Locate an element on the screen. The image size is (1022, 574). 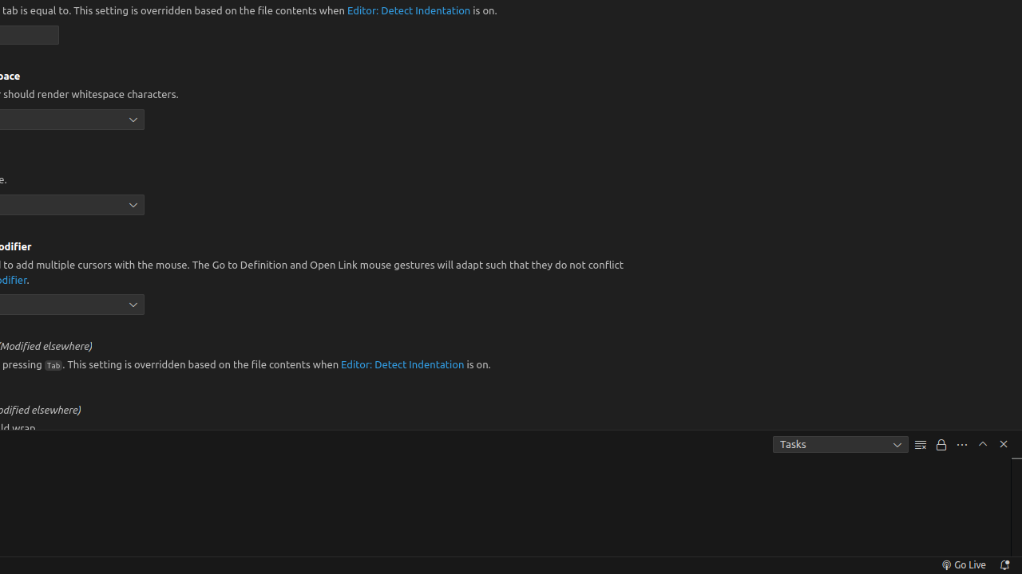
'Hide Panel' is located at coordinates (1002, 443).